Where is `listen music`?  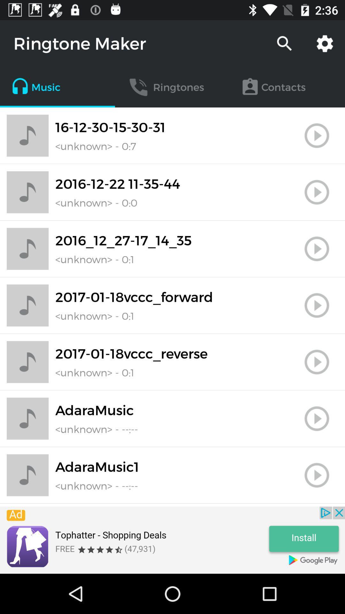 listen music is located at coordinates (317, 362).